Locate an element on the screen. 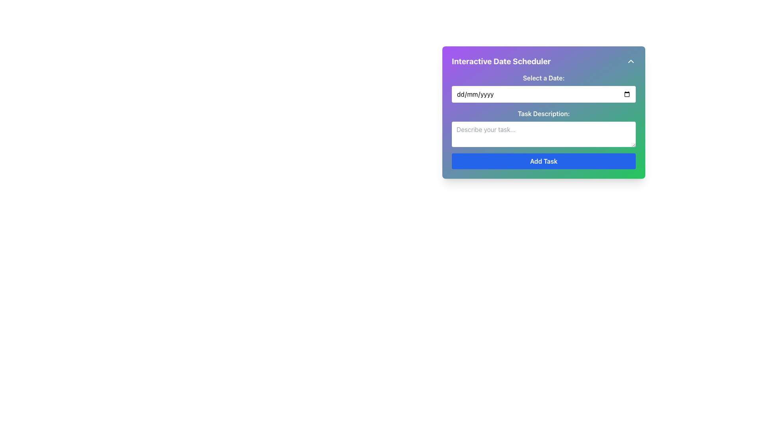 The image size is (761, 428). the arrow icon located at the far-right corner of the 'Interactive Date Scheduler' card title is located at coordinates (543, 61).